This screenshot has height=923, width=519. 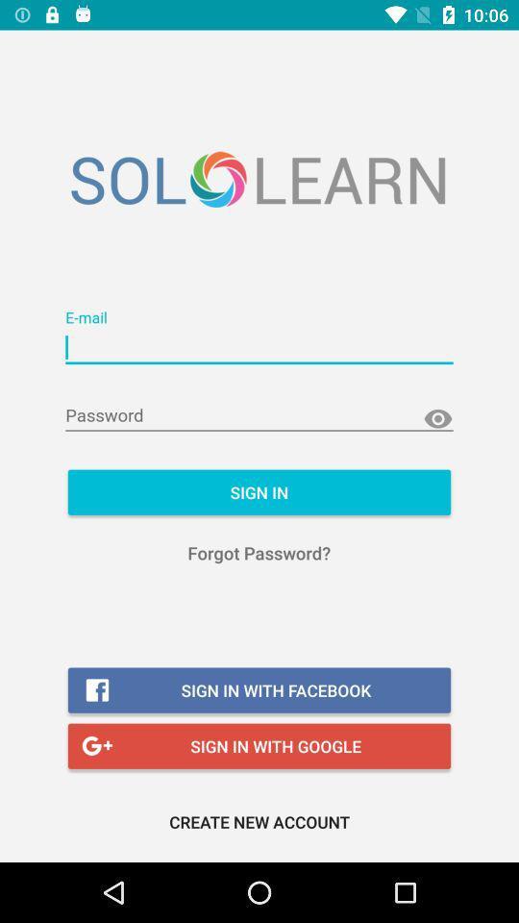 What do you see at coordinates (259, 553) in the screenshot?
I see `item below the sign in icon` at bounding box center [259, 553].